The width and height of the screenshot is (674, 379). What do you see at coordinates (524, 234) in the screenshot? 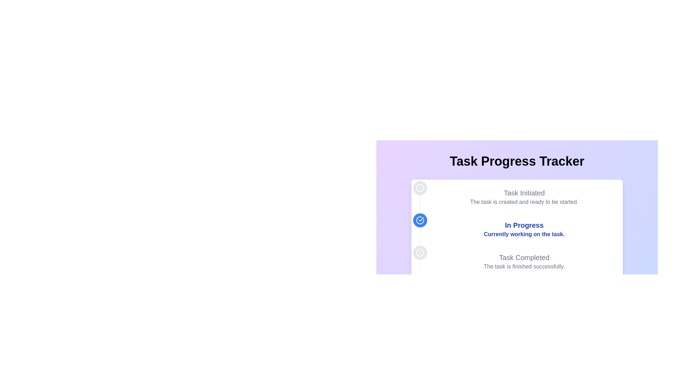
I see `descriptive message text element located below the 'In Progress' message in the task progress tracker` at bounding box center [524, 234].